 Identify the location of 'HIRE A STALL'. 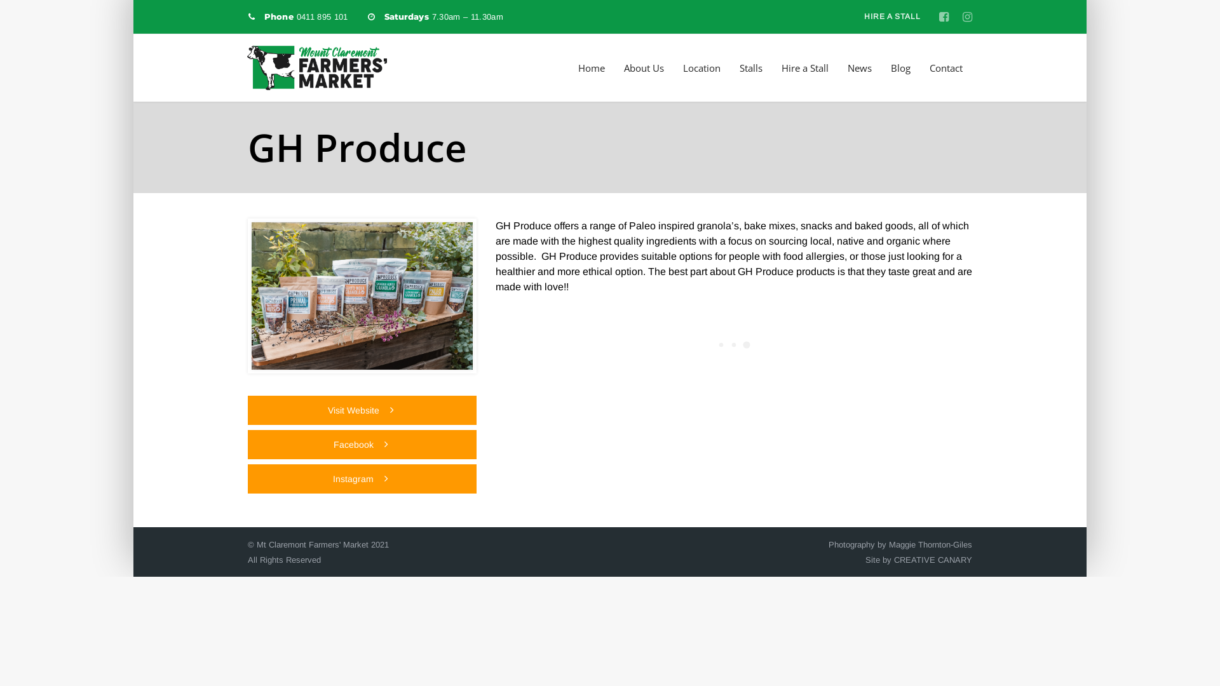
(891, 17).